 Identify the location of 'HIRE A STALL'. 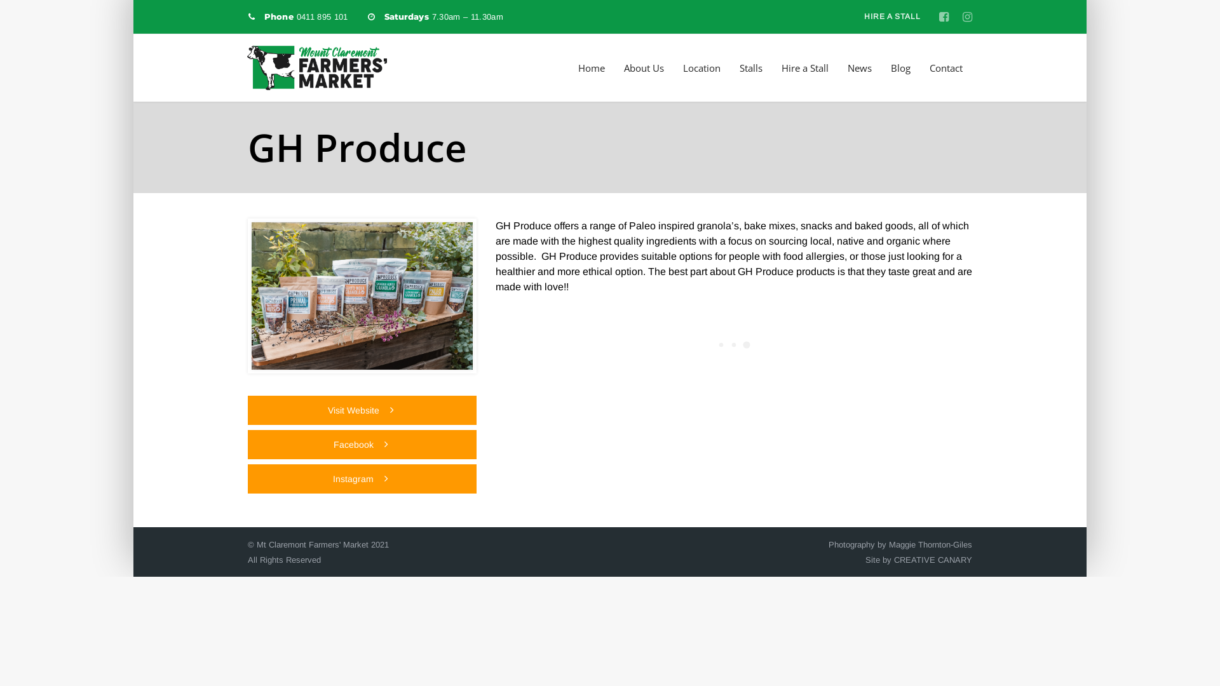
(891, 17).